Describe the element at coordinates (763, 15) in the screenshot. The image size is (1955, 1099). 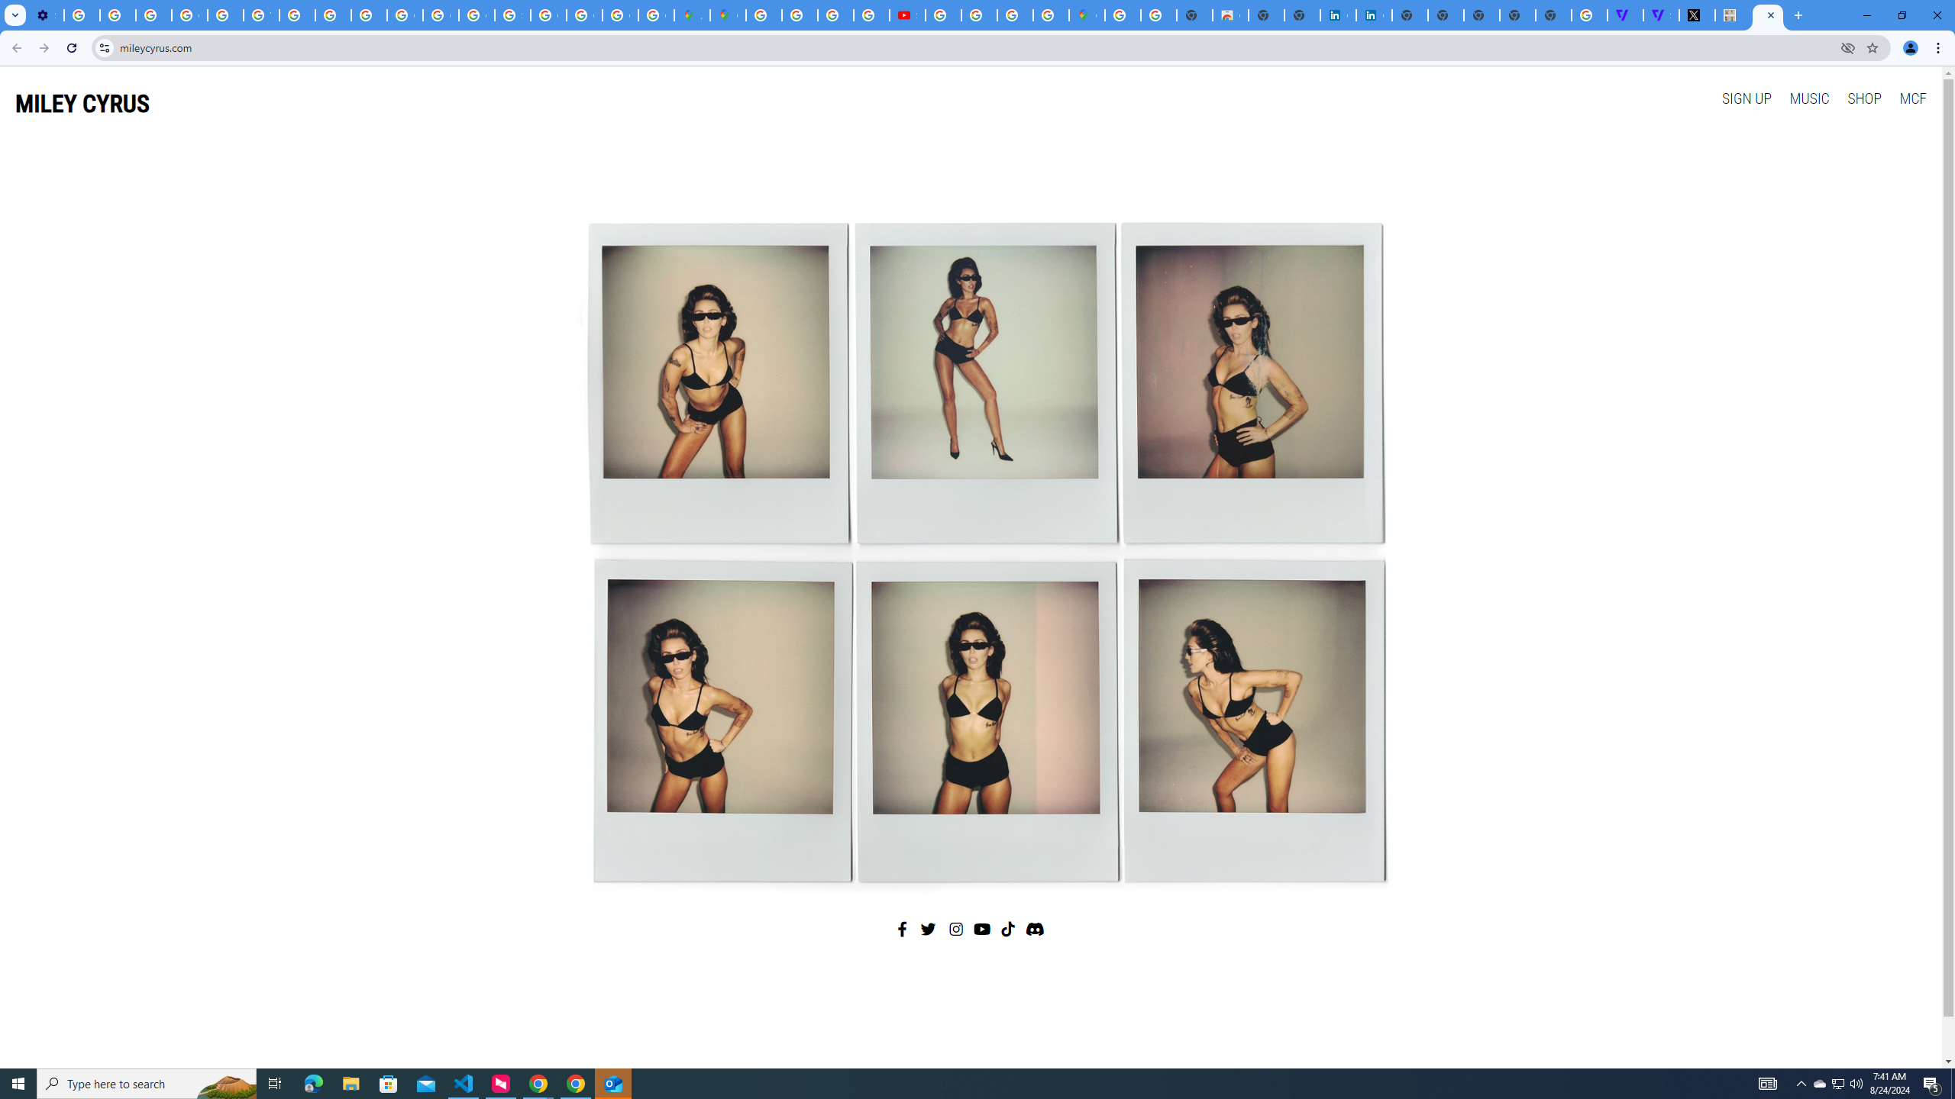
I see `'Blogger Policies and Guidelines - Transparency Center'` at that location.